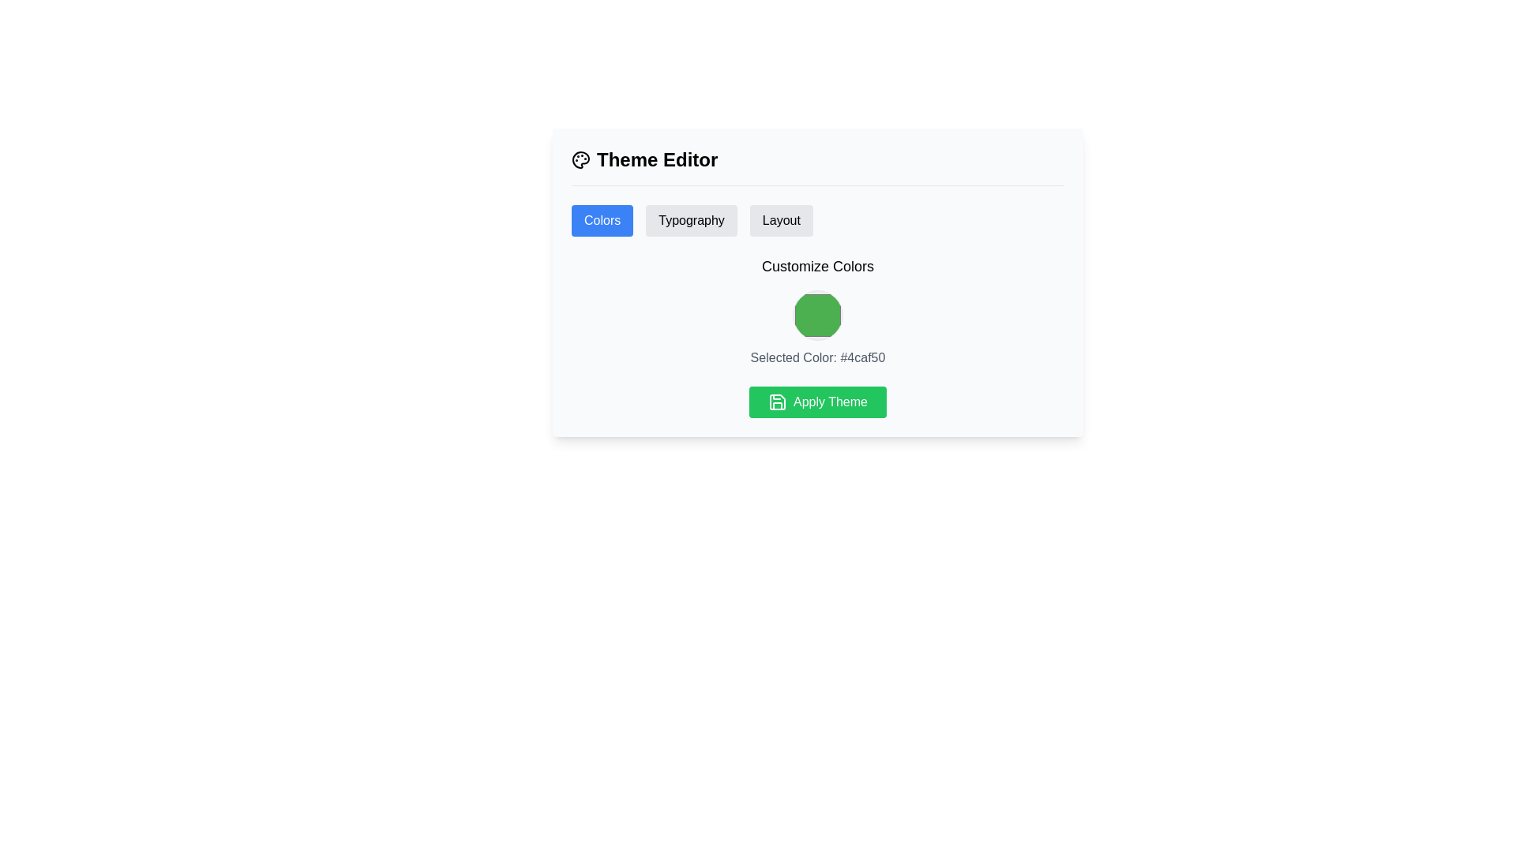  What do you see at coordinates (692, 221) in the screenshot?
I see `the 'Typography' button, which is the second button in a row of three with a light gray background and bold black text` at bounding box center [692, 221].